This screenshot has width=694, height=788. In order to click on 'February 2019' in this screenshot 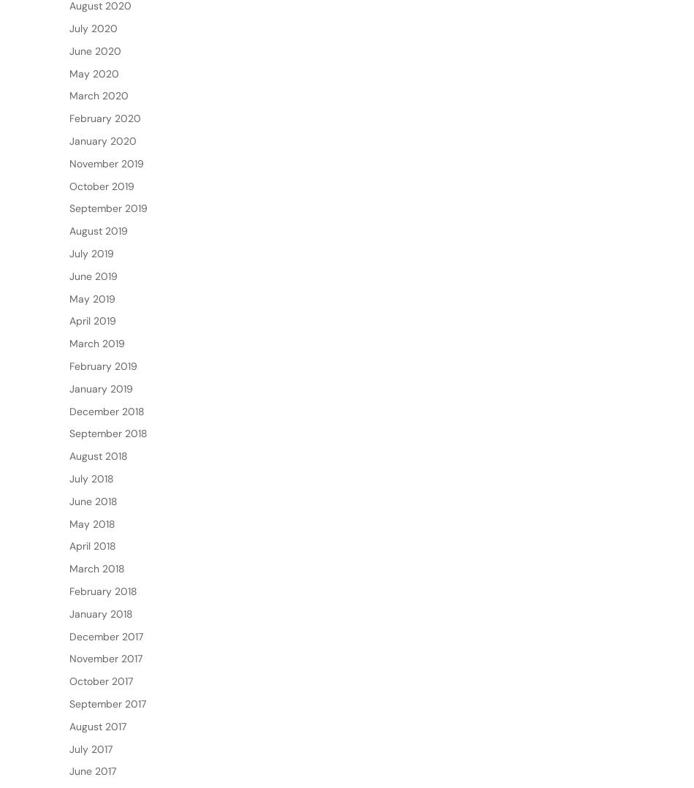, I will do `click(103, 412)`.